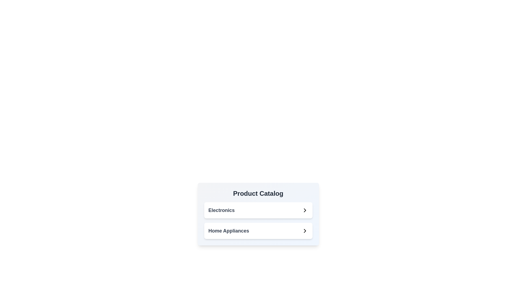 This screenshot has width=520, height=292. Describe the element at coordinates (258, 210) in the screenshot. I see `the first selectable item in the vertical stack` at that location.